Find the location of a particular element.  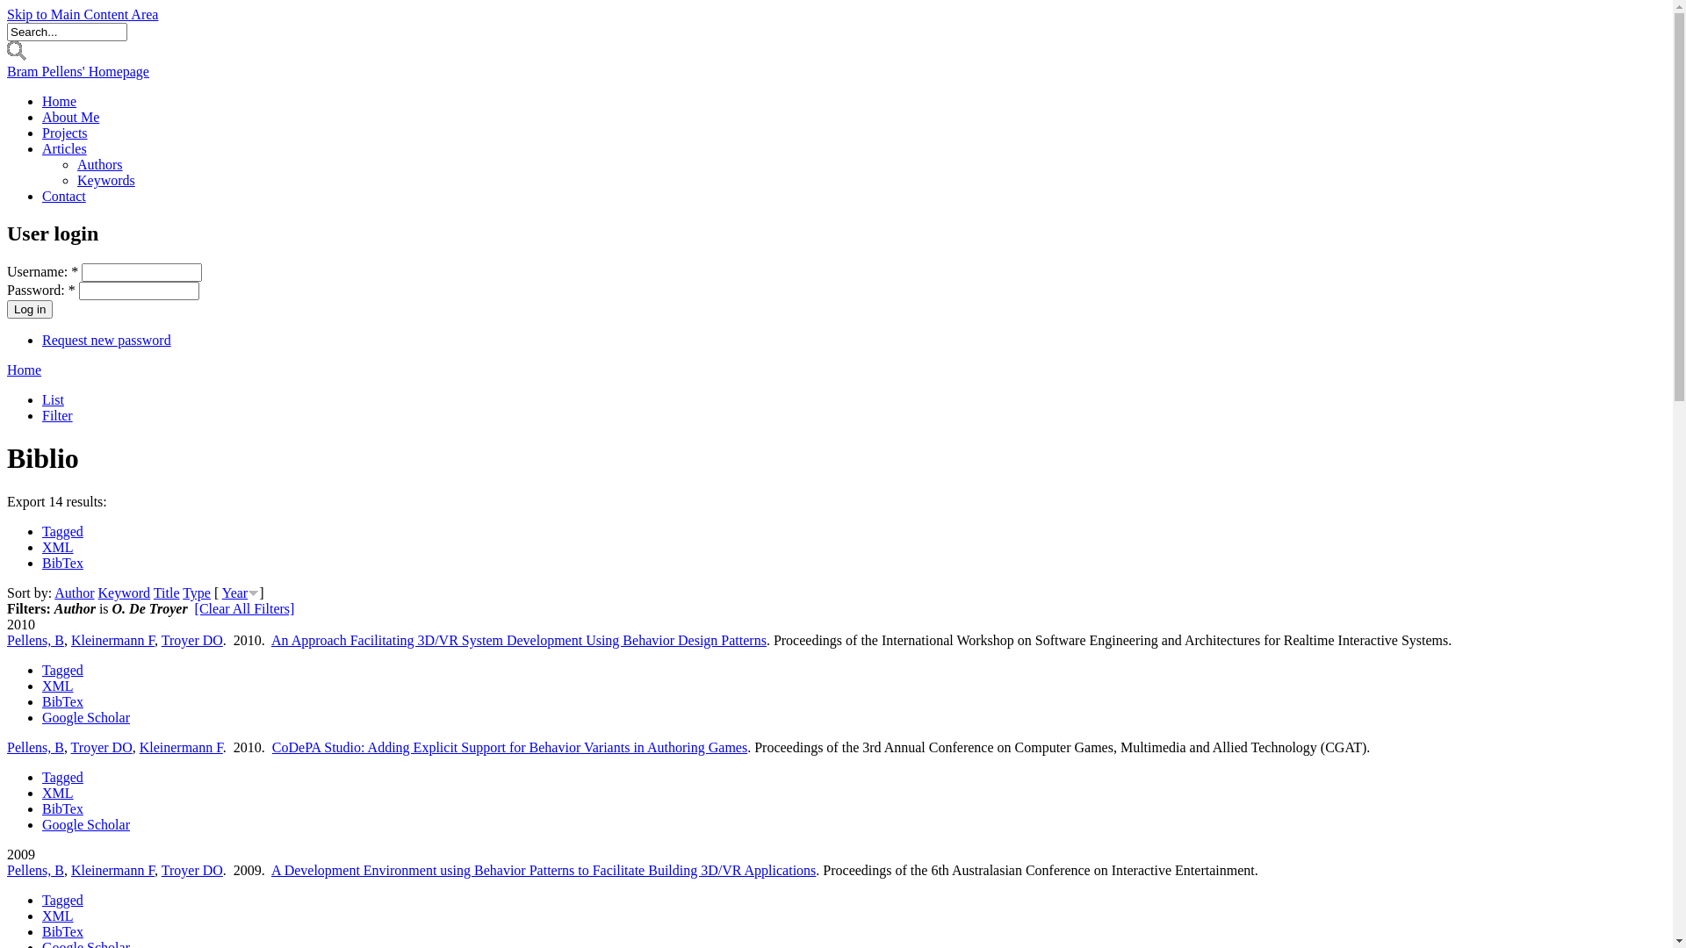

'Year' is located at coordinates (234, 592).